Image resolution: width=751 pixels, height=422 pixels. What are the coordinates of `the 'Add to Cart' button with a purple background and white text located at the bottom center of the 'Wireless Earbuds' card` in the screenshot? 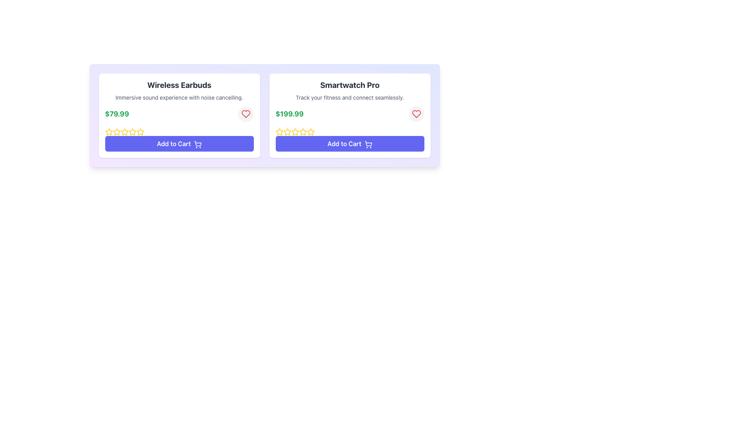 It's located at (179, 143).